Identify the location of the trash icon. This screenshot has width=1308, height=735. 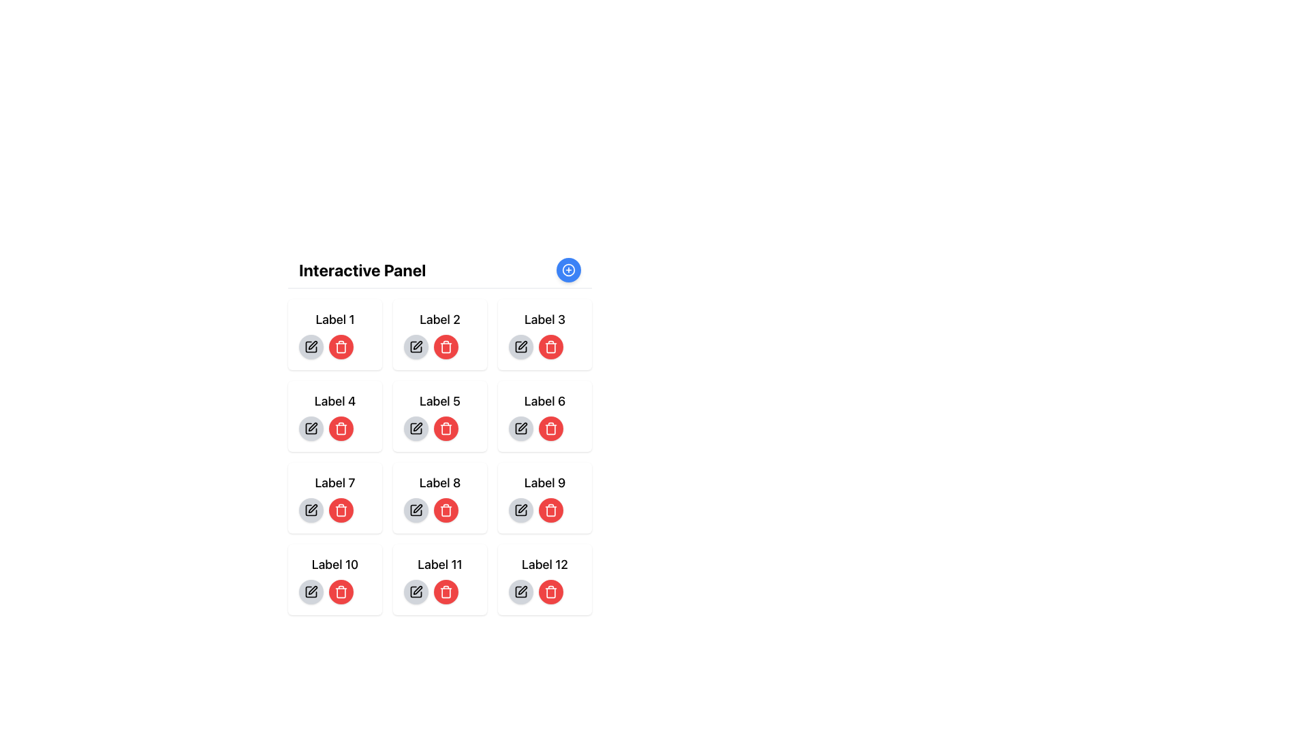
(446, 592).